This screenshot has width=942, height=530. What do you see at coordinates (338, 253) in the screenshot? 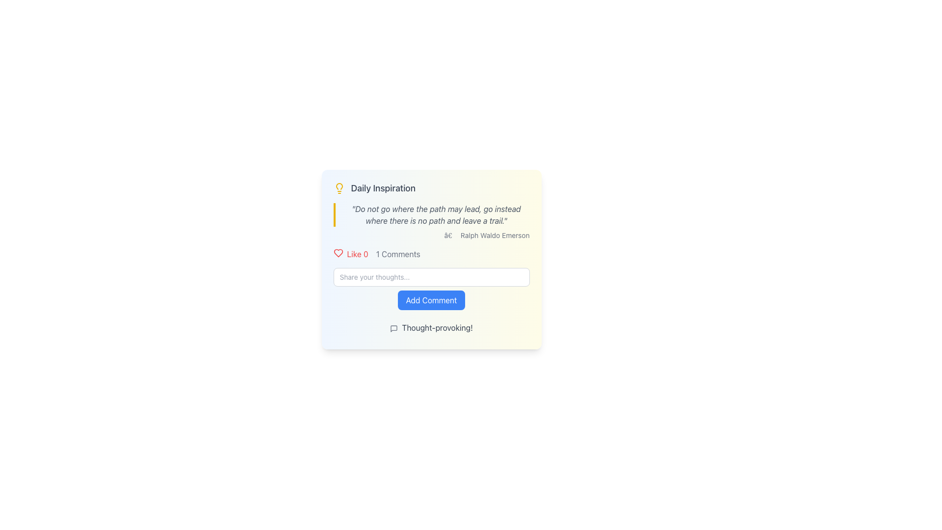
I see `the heart-shaped icon that allows users to indicate liking or favoriting content` at bounding box center [338, 253].